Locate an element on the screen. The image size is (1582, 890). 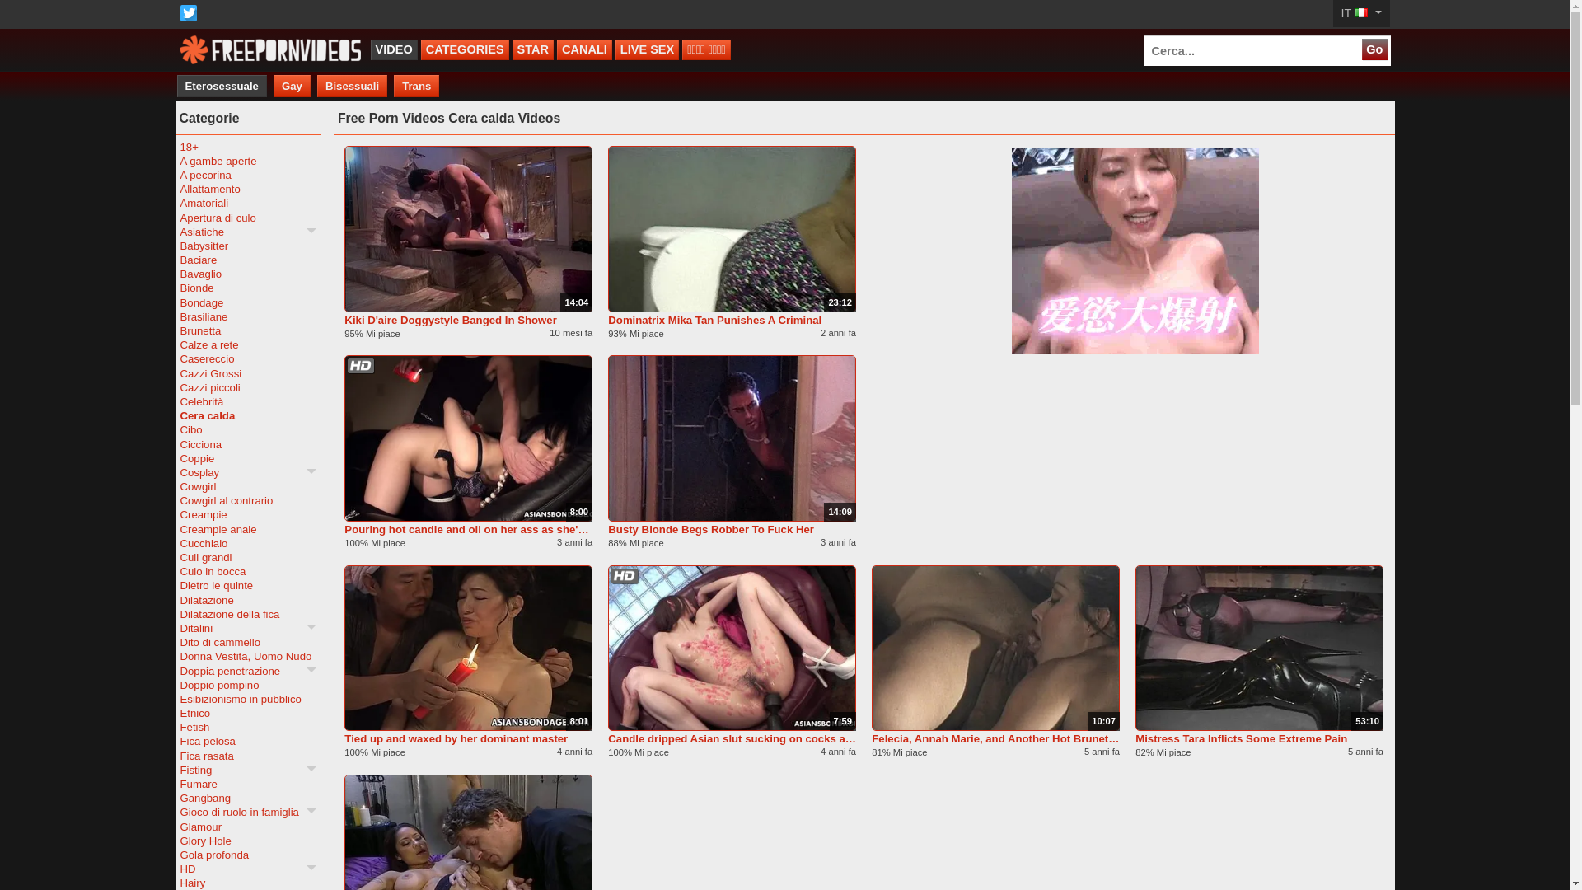
'Donna Vestita, Uomo Nudo' is located at coordinates (247, 655).